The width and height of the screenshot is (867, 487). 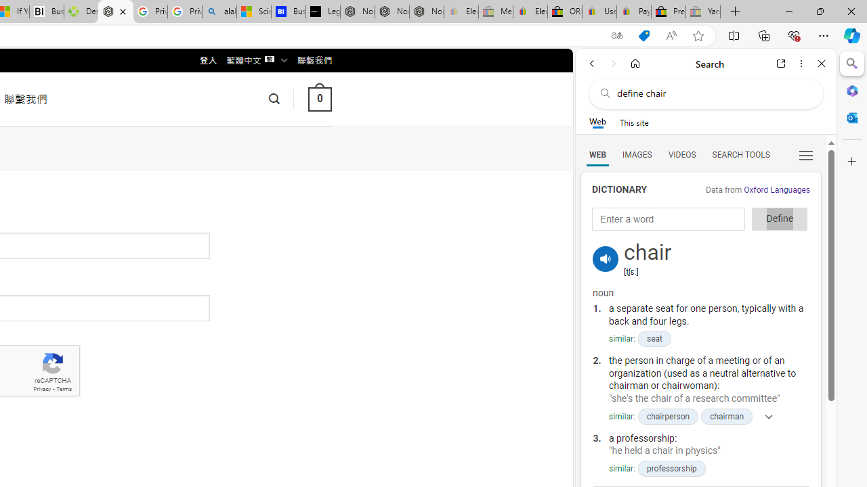 I want to click on 'Terms', so click(x=63, y=389).